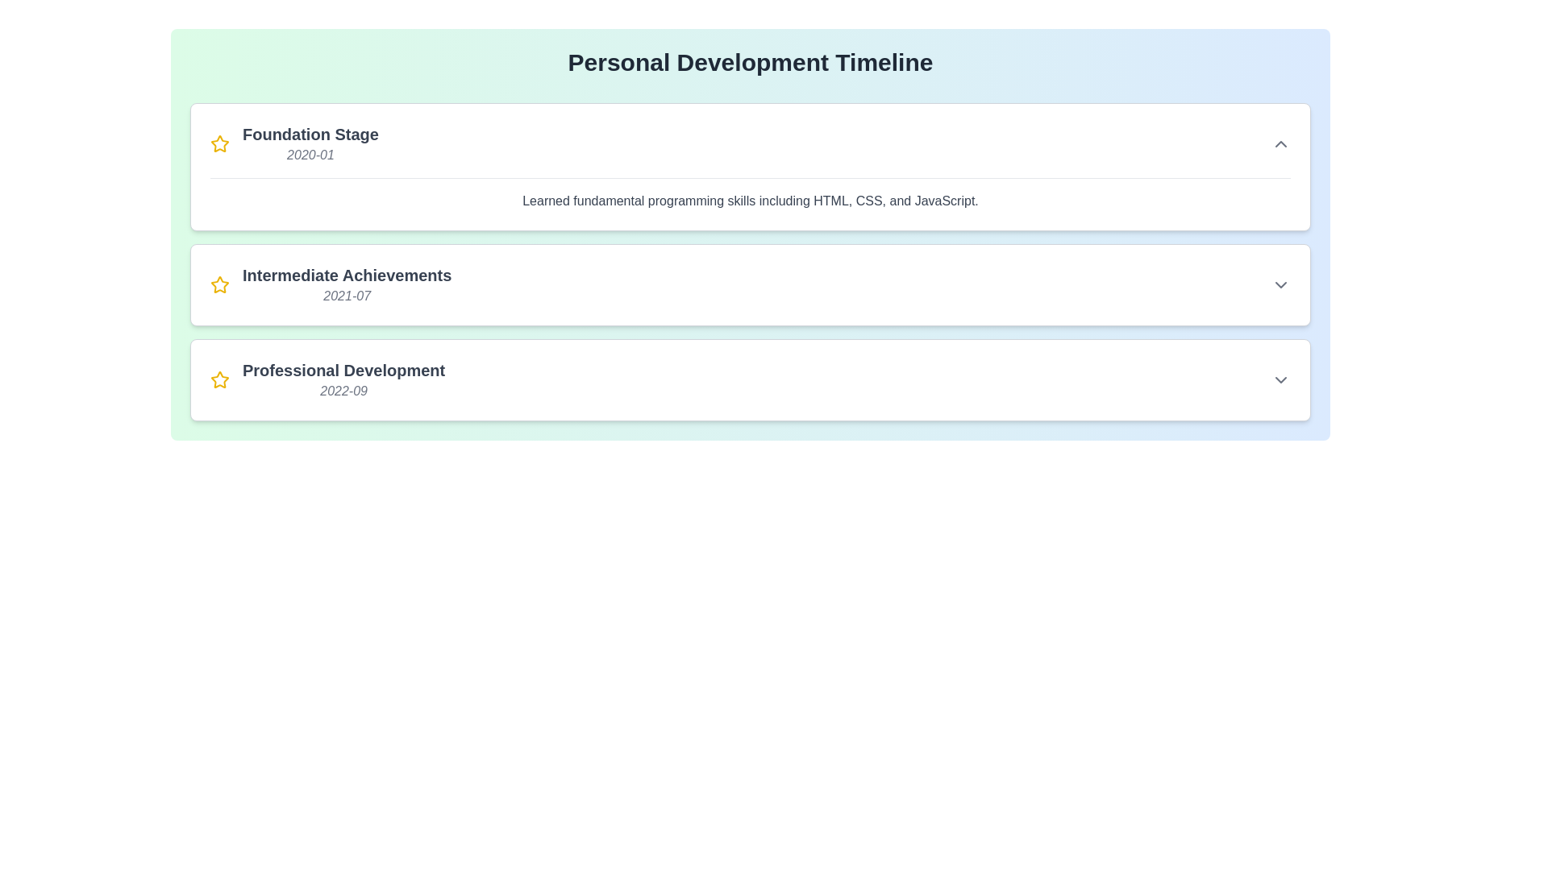 The height and width of the screenshot is (870, 1548). I want to click on the 'Professional Development' timeline step element, which features bold text 'Professional Development' and italic text '2022-09', alongside a yellow star icon, to view context options, so click(327, 379).